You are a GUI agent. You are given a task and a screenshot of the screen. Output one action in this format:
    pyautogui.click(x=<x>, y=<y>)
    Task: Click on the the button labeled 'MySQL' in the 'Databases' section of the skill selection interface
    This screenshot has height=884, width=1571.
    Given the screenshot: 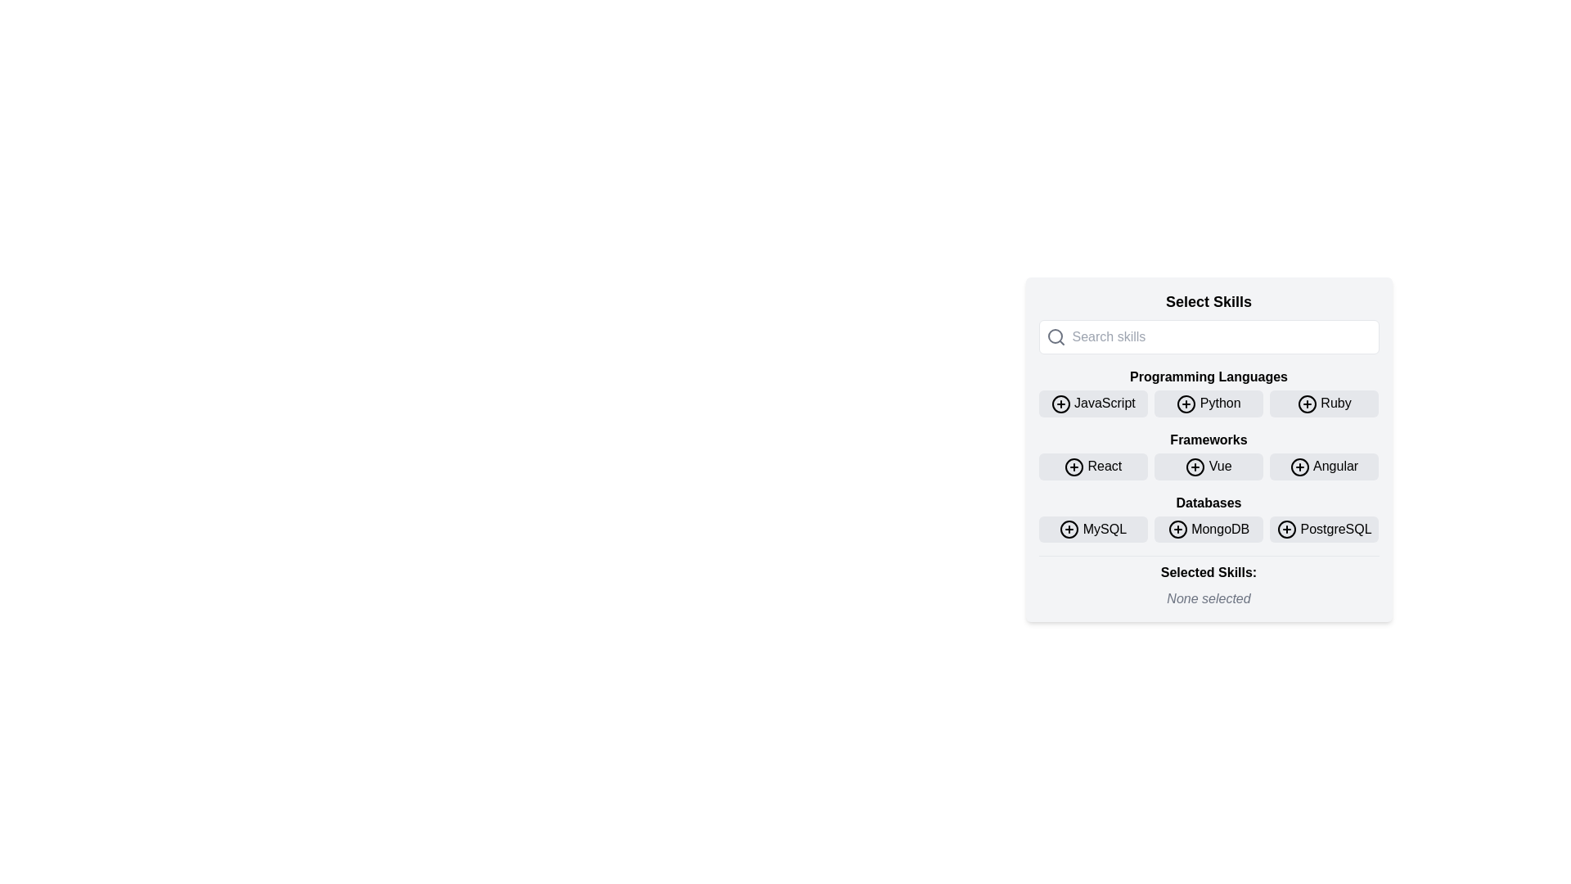 What is the action you would take?
    pyautogui.click(x=1069, y=530)
    